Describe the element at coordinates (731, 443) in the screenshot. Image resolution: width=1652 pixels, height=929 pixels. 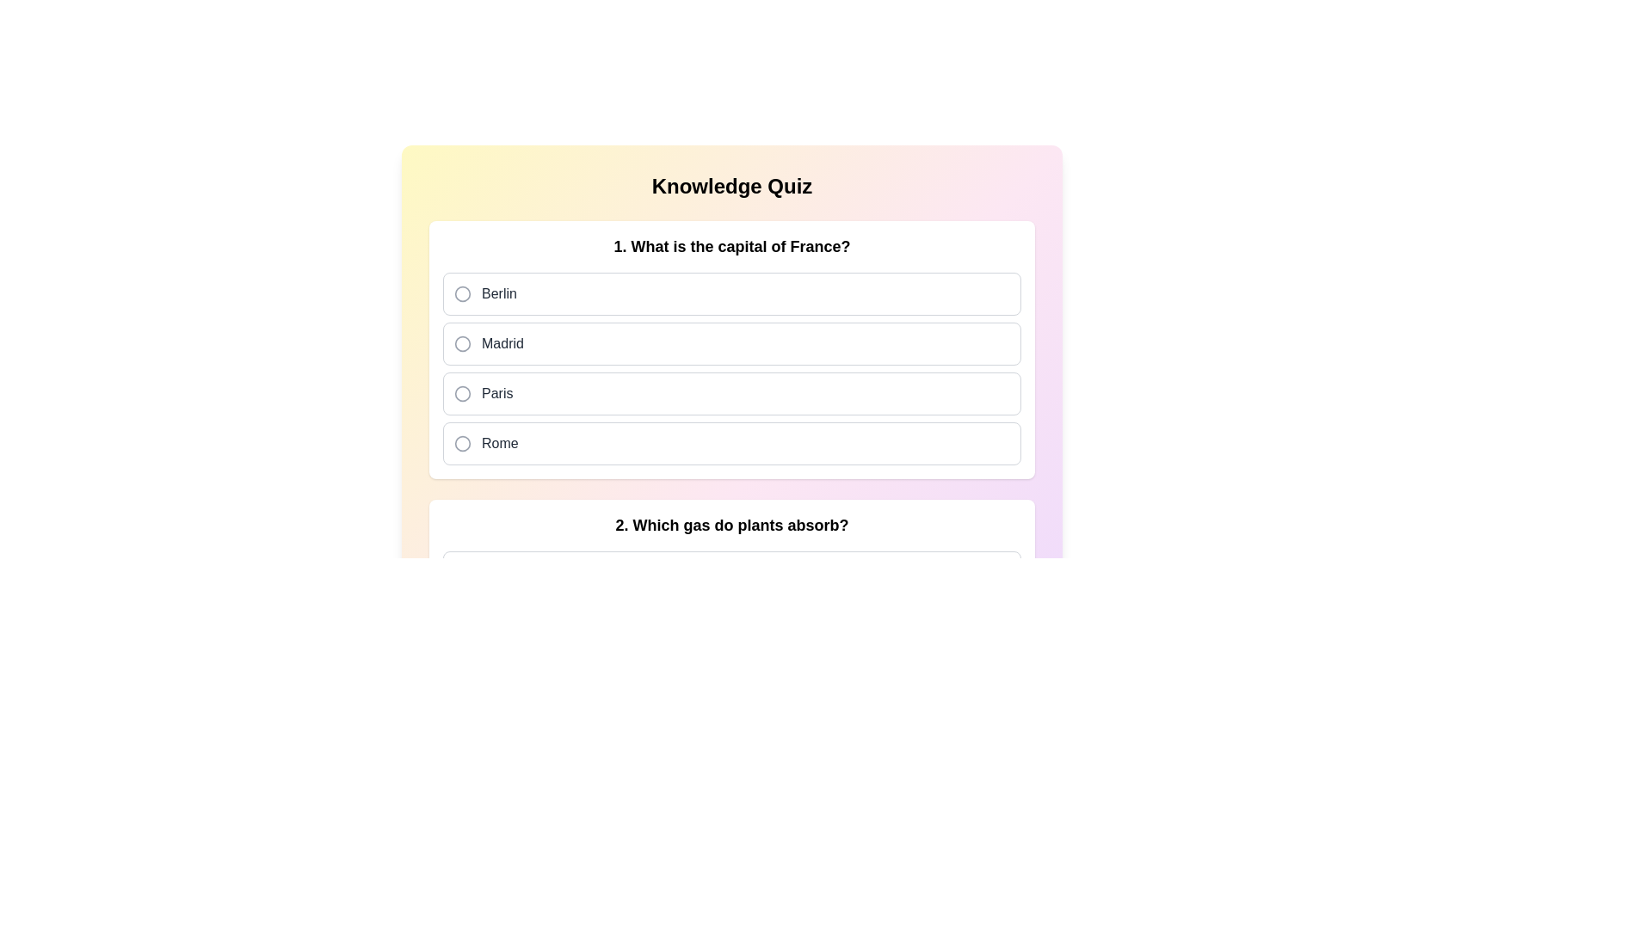
I see `to select the fourth option in the multiple-choice question asking 'What is the capital of France?'` at that location.